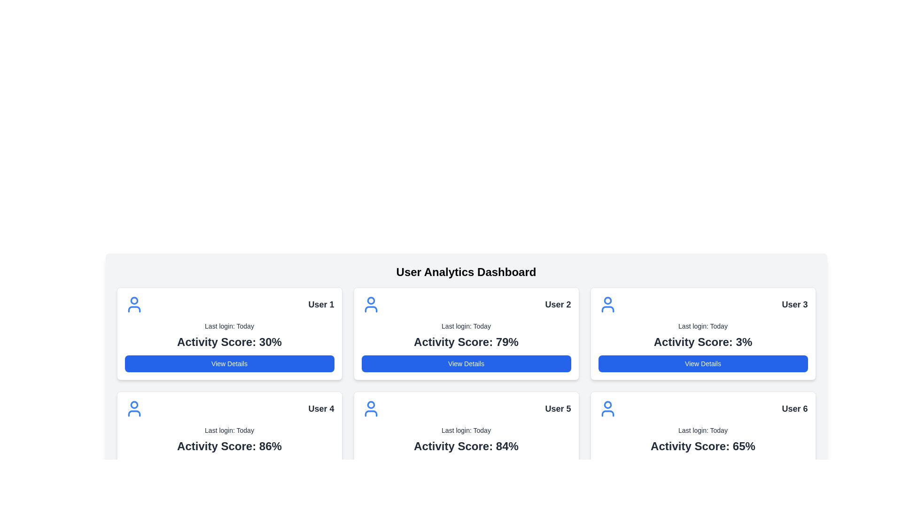 Image resolution: width=902 pixels, height=507 pixels. I want to click on the text label displaying 'Activity Score: 30%' located within the user card for 'User 1', positioned below 'Last login: Today' and above the 'View Details' button, so click(229, 342).